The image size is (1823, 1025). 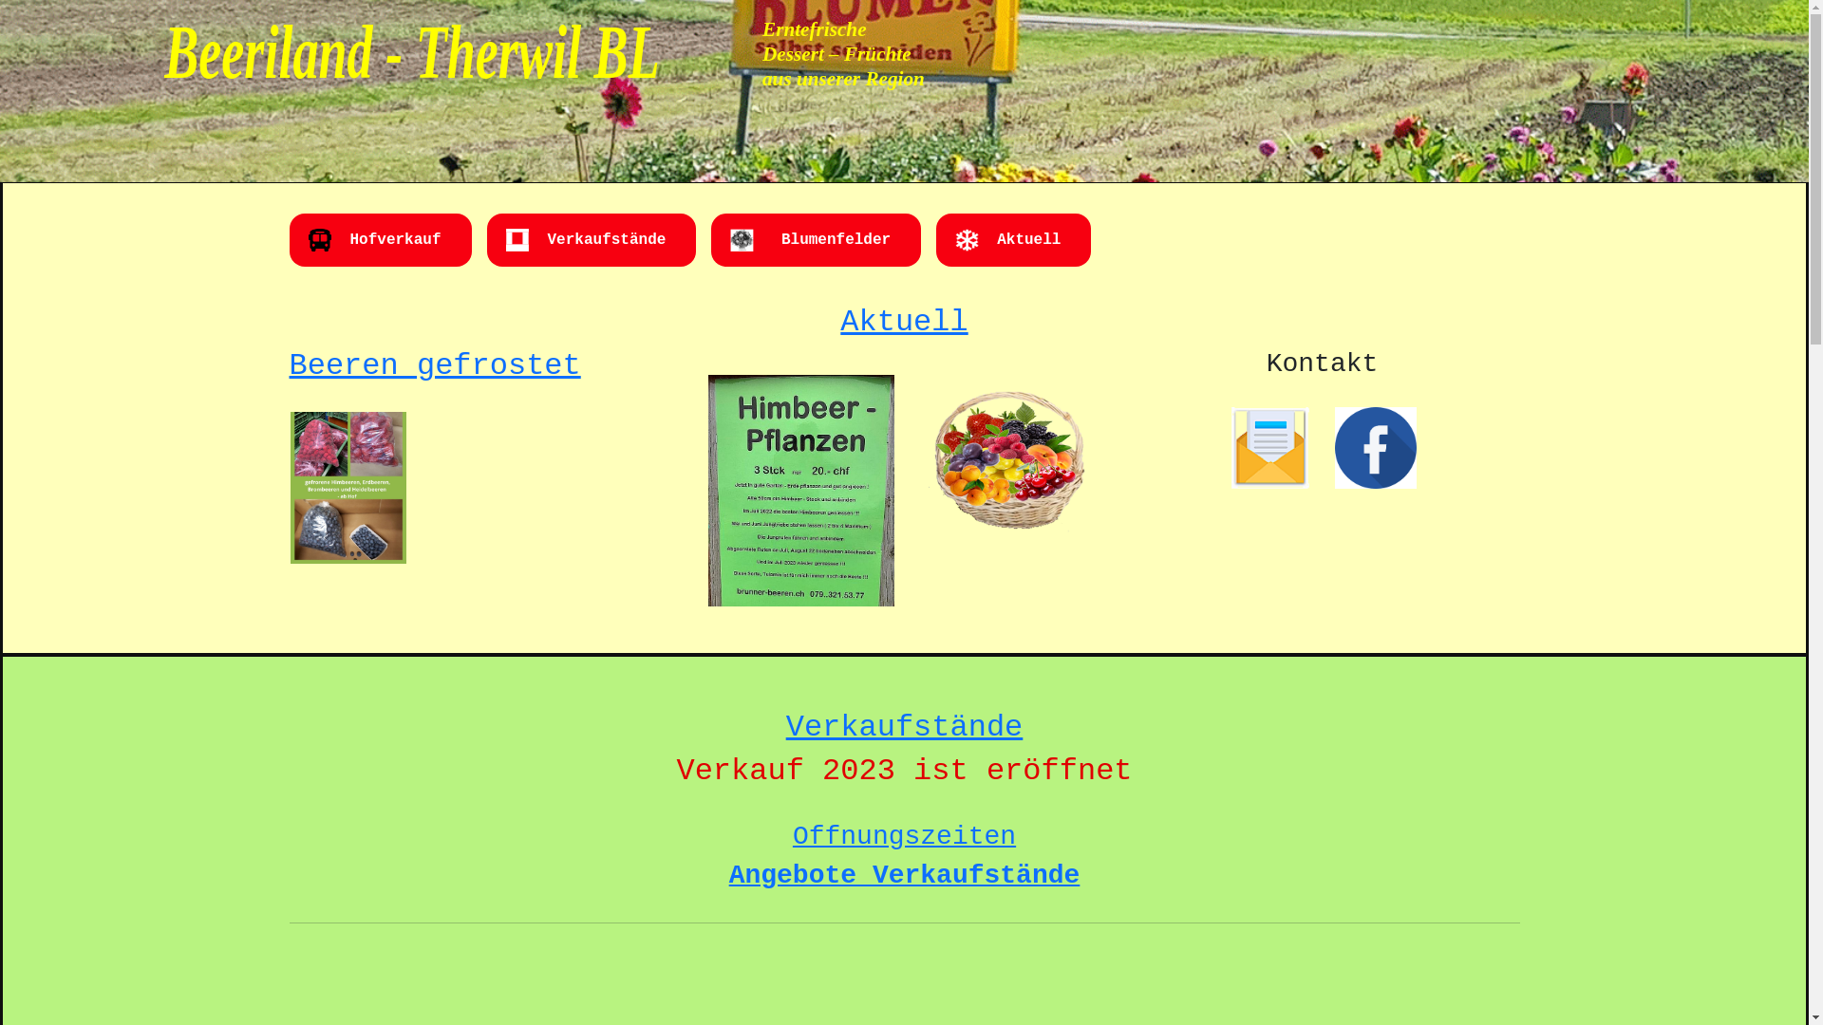 I want to click on ' Blumenfelder', so click(x=771, y=239).